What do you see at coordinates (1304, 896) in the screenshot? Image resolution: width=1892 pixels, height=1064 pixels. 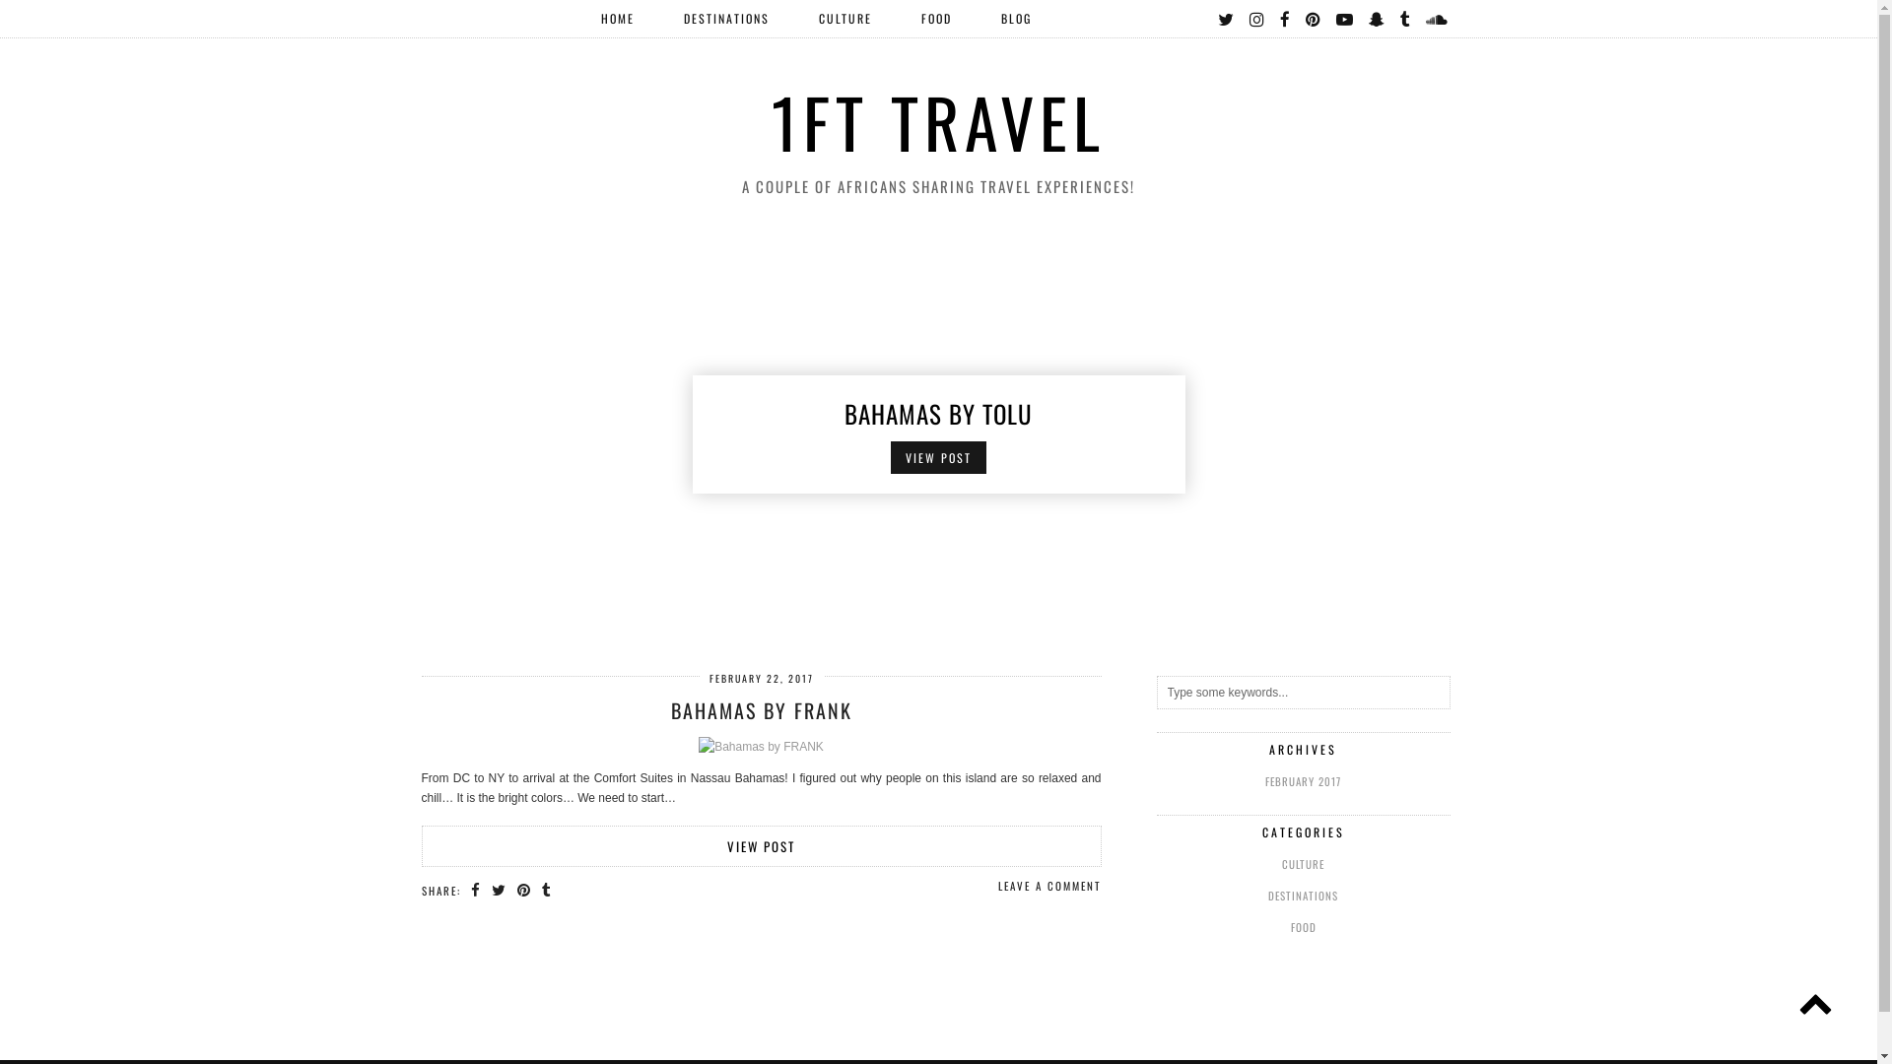 I see `'DESTINATIONS'` at bounding box center [1304, 896].